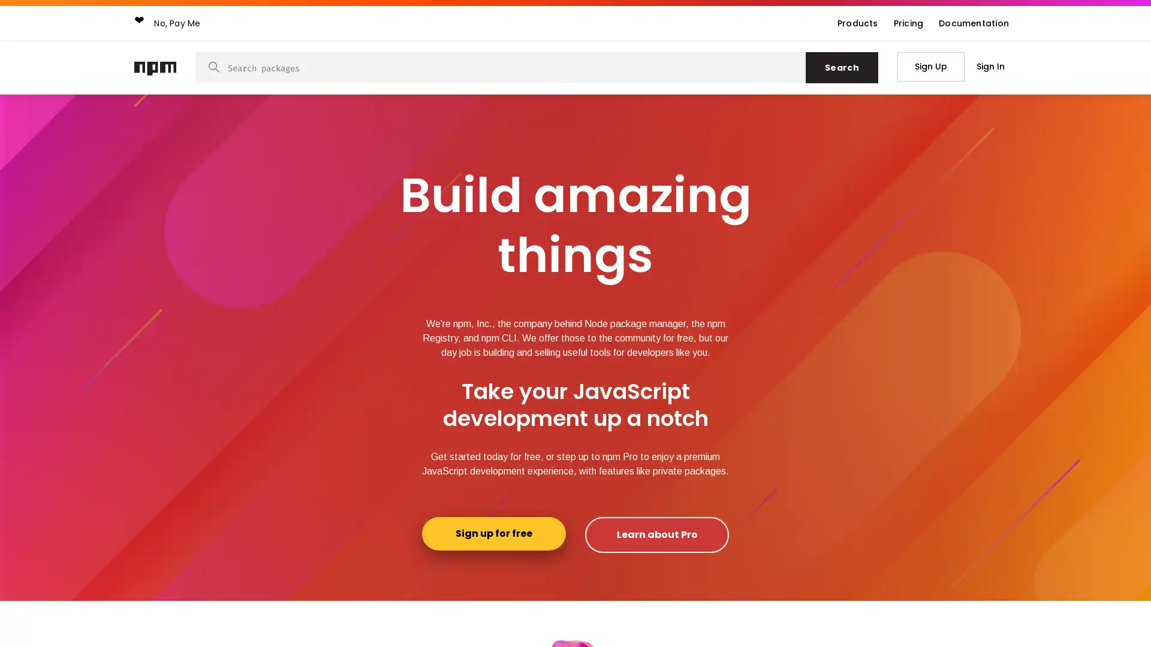  Describe the element at coordinates (841, 67) in the screenshot. I see `Search` at that location.